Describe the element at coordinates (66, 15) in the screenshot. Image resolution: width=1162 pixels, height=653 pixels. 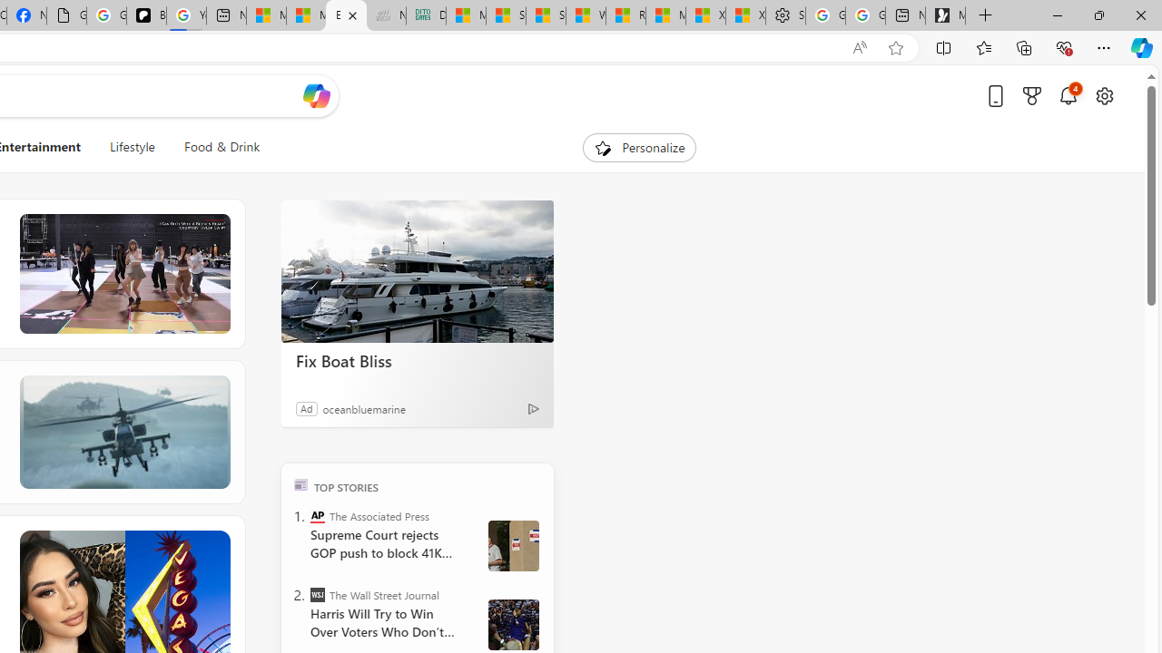
I see `'Google Analytics Opt-out Browser Add-on Download Page'` at that location.